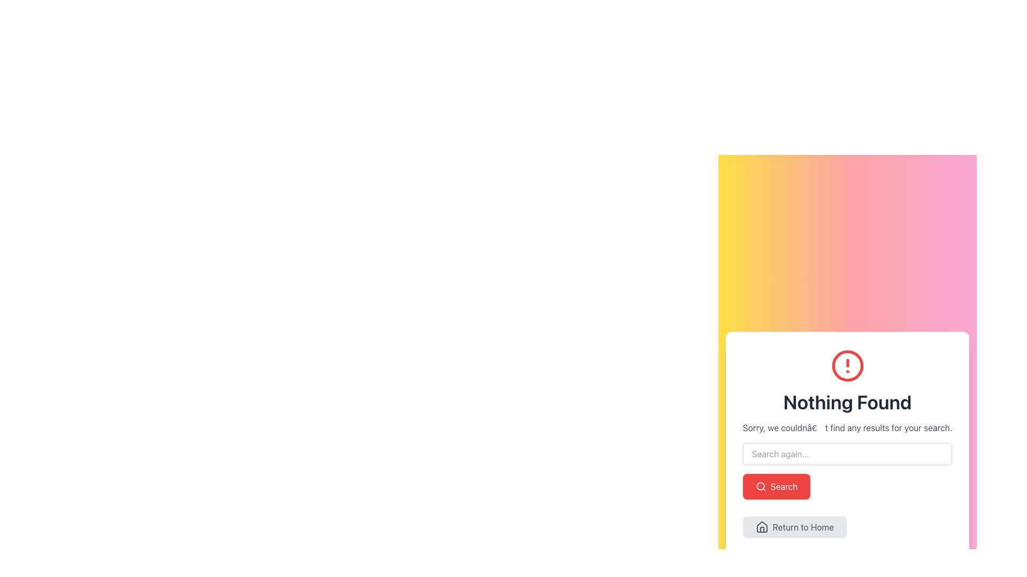 The image size is (1027, 577). I want to click on the circular part of the magnifying glass icon that is part of the red 'Search' button, which is located below a text input field, so click(760, 486).